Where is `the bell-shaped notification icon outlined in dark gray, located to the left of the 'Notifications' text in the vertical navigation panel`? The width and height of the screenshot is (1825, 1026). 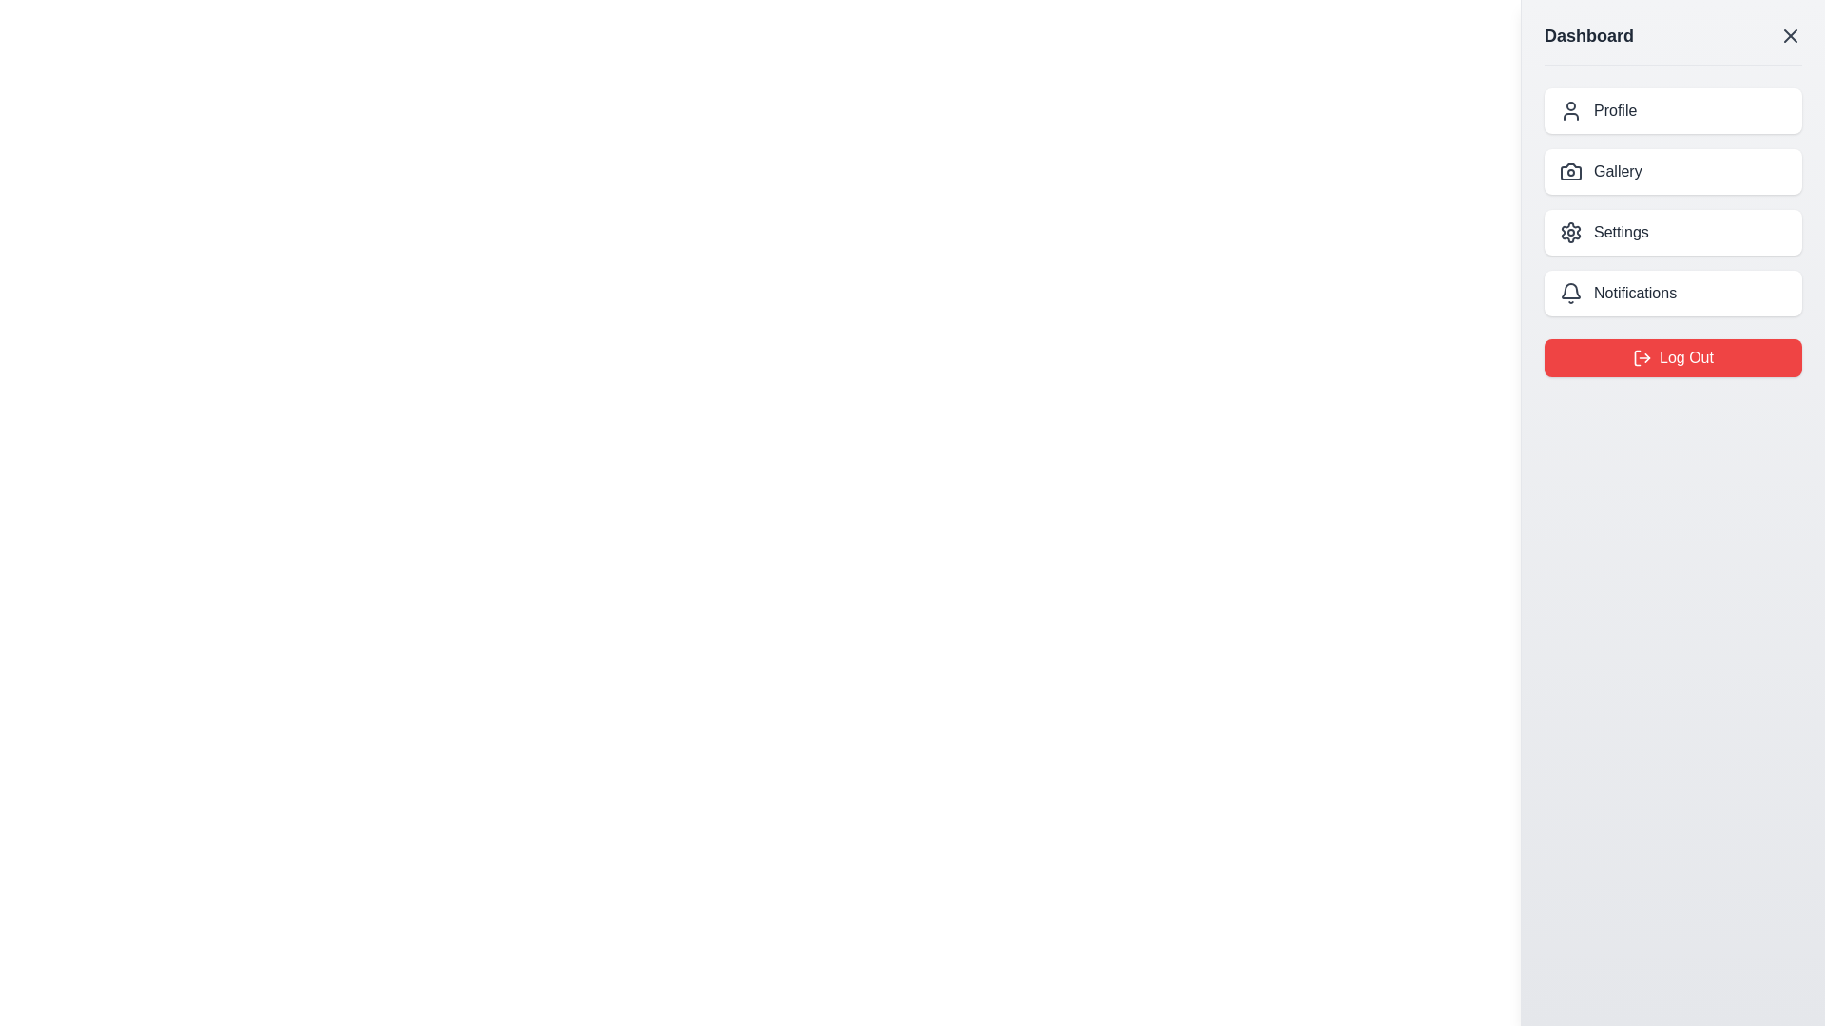
the bell-shaped notification icon outlined in dark gray, located to the left of the 'Notifications' text in the vertical navigation panel is located at coordinates (1570, 293).